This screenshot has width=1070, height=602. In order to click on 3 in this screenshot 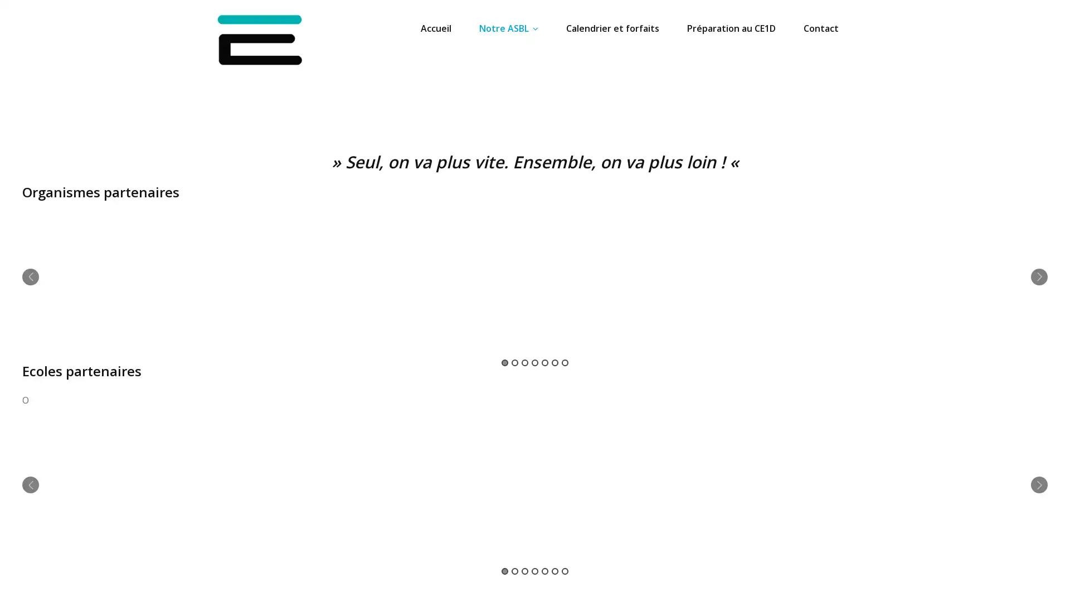, I will do `click(524, 363)`.